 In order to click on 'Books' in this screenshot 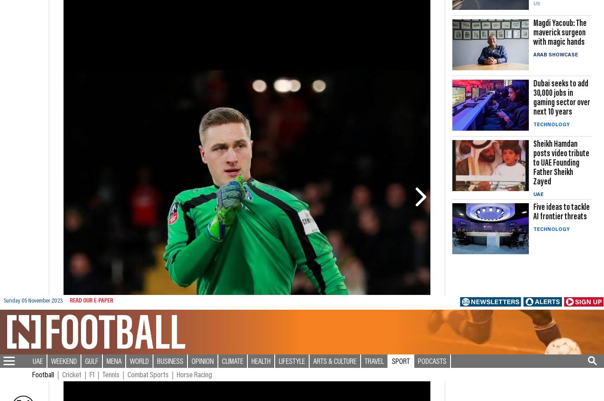, I will do `click(460, 345)`.